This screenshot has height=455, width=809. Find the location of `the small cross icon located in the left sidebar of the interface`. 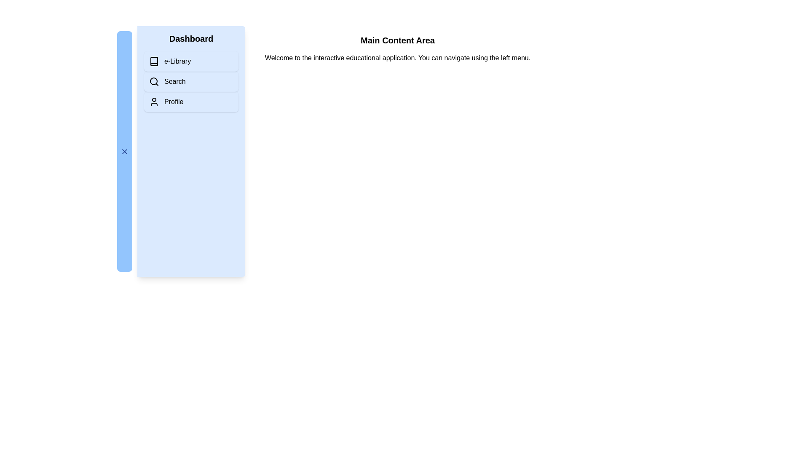

the small cross icon located in the left sidebar of the interface is located at coordinates (124, 151).